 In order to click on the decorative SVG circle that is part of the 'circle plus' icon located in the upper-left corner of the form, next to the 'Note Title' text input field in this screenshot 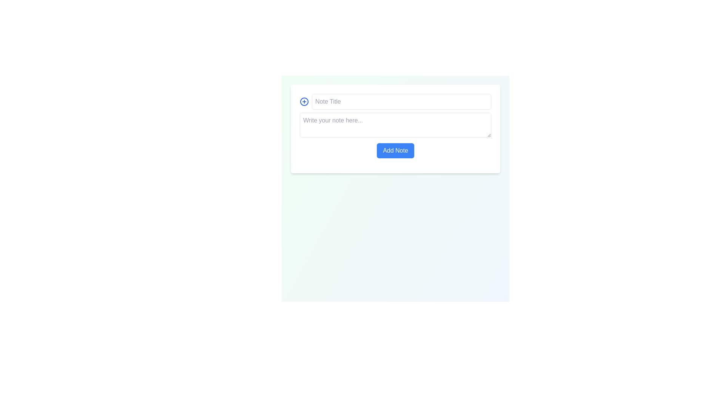, I will do `click(304, 102)`.